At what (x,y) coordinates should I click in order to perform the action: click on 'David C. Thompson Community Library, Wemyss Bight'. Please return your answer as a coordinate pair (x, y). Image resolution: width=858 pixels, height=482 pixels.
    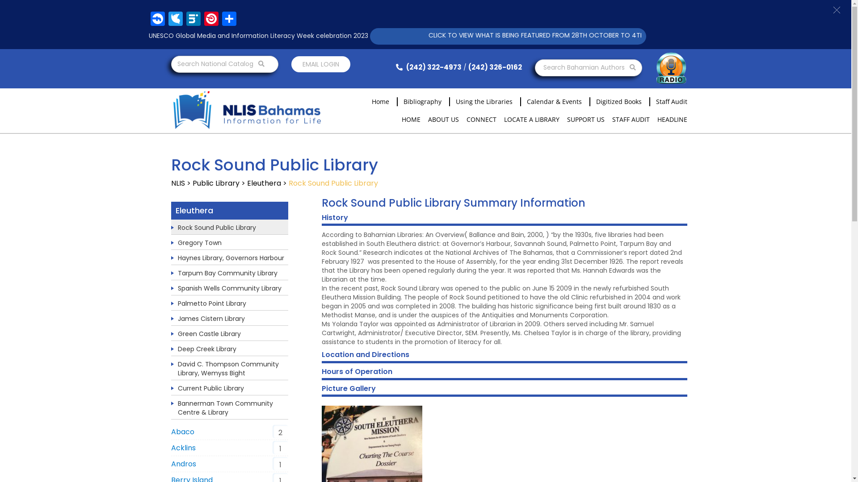
    Looking at the image, I should click on (178, 368).